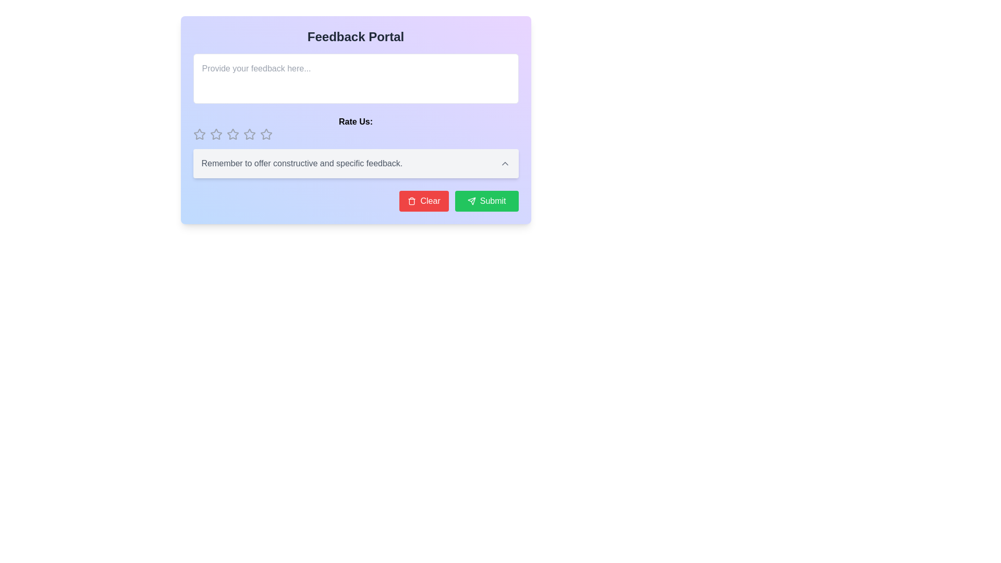 The height and width of the screenshot is (563, 1001). Describe the element at coordinates (471, 201) in the screenshot. I see `the paper plane icon within the 'Submit' button located at the bottom right of the visible form` at that location.